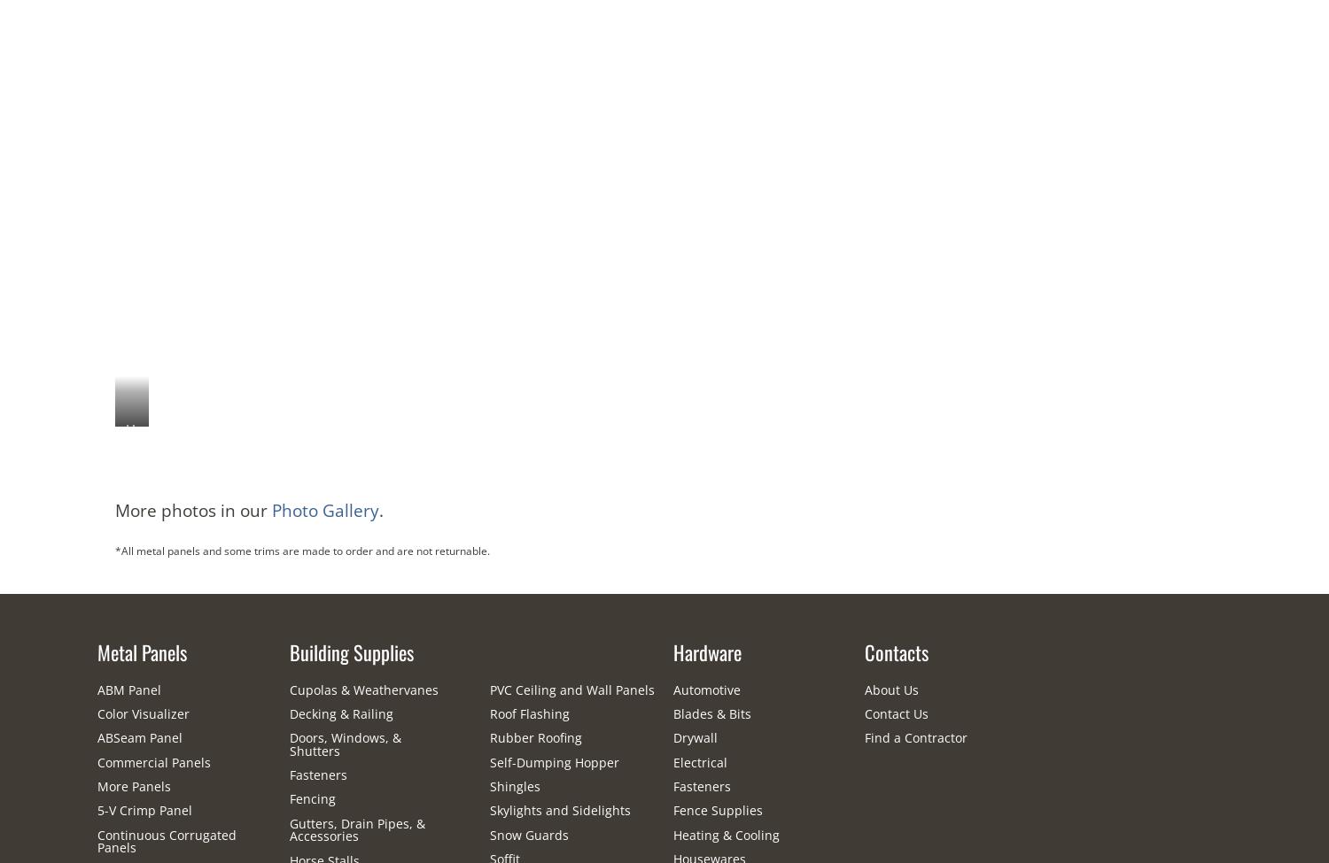 This screenshot has width=1329, height=863. What do you see at coordinates (351, 651) in the screenshot?
I see `'Building Supplies'` at bounding box center [351, 651].